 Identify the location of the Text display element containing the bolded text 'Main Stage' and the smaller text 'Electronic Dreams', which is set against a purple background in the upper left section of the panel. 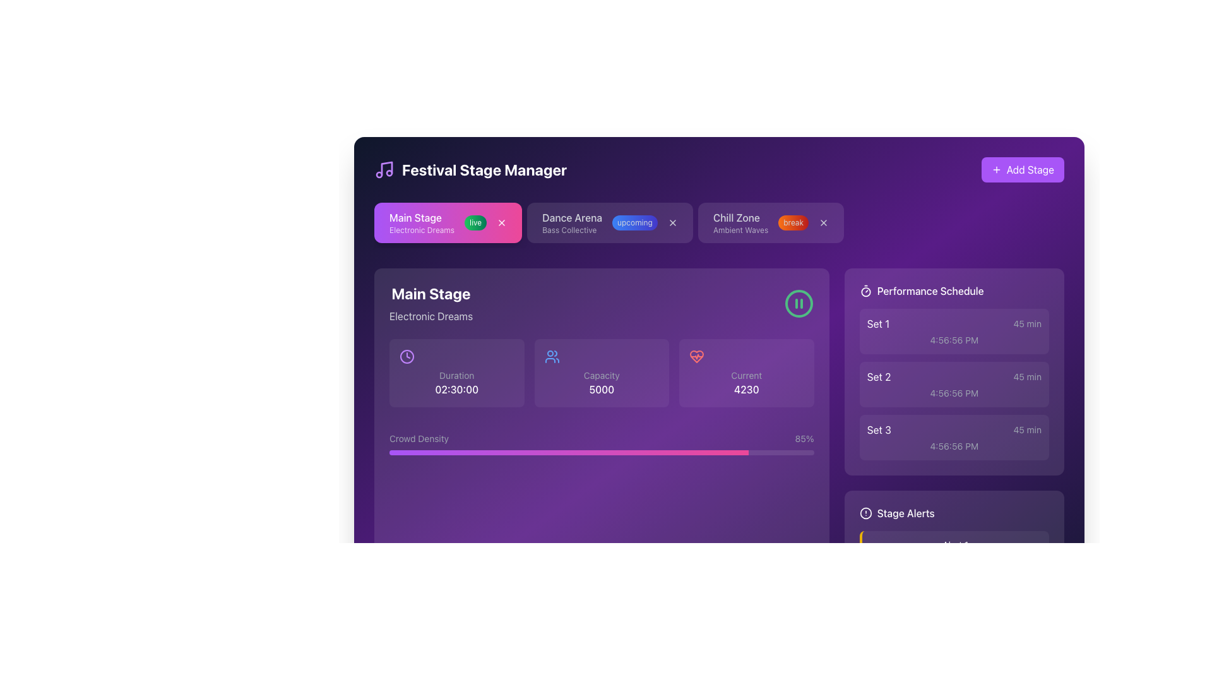
(431, 304).